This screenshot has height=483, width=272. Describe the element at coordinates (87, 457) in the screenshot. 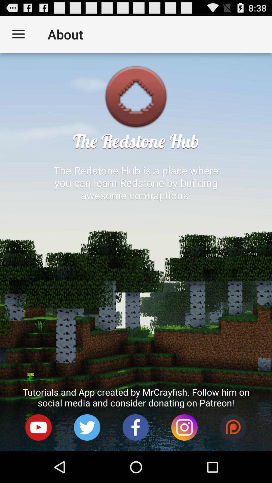

I see `the avatar icon` at that location.